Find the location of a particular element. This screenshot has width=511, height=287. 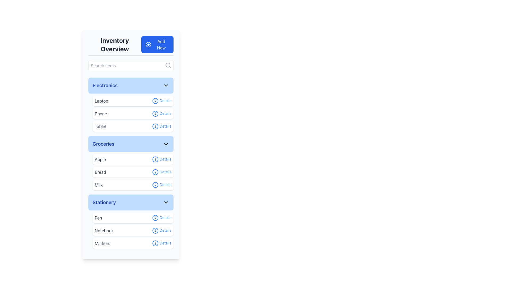

the 'Details' button on the List entry for 'Milk', which is the third item in the 'Groceries' section is located at coordinates (133, 184).